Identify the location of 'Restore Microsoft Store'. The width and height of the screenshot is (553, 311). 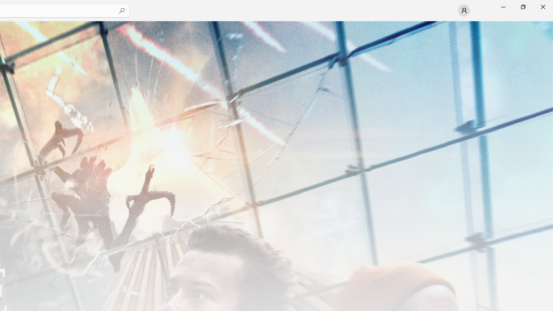
(522, 6).